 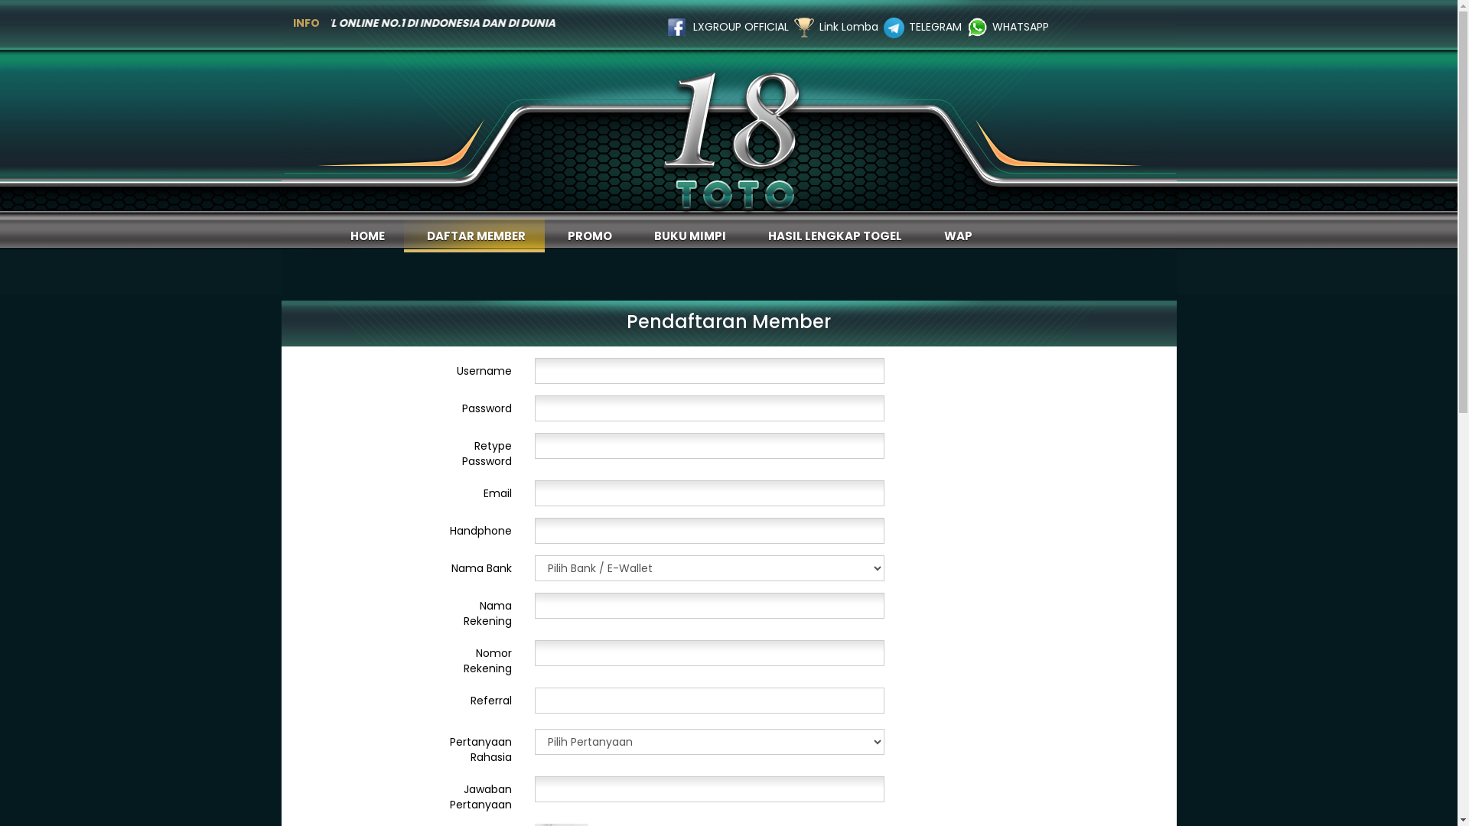 What do you see at coordinates (587, 235) in the screenshot?
I see `'PROMO'` at bounding box center [587, 235].